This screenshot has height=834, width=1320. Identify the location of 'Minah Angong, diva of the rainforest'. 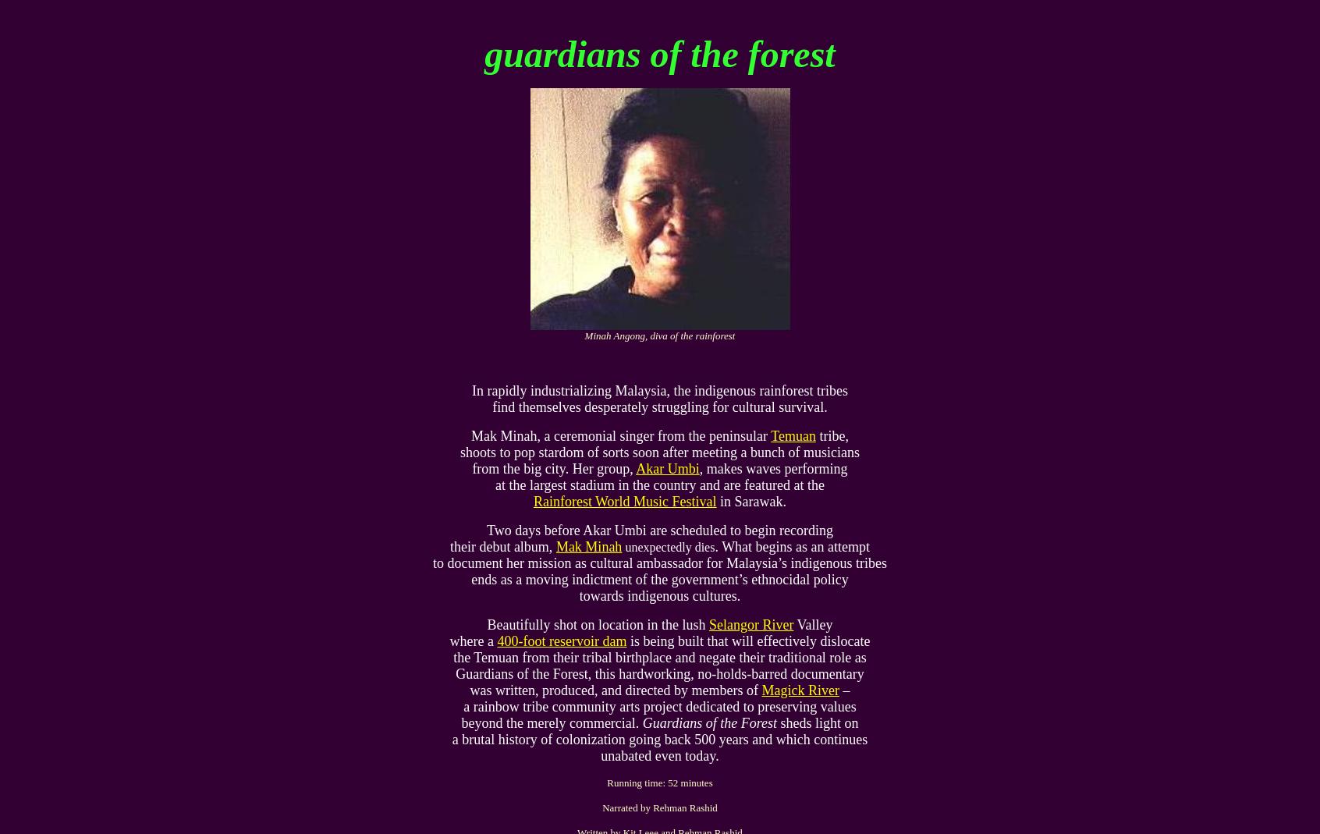
(584, 335).